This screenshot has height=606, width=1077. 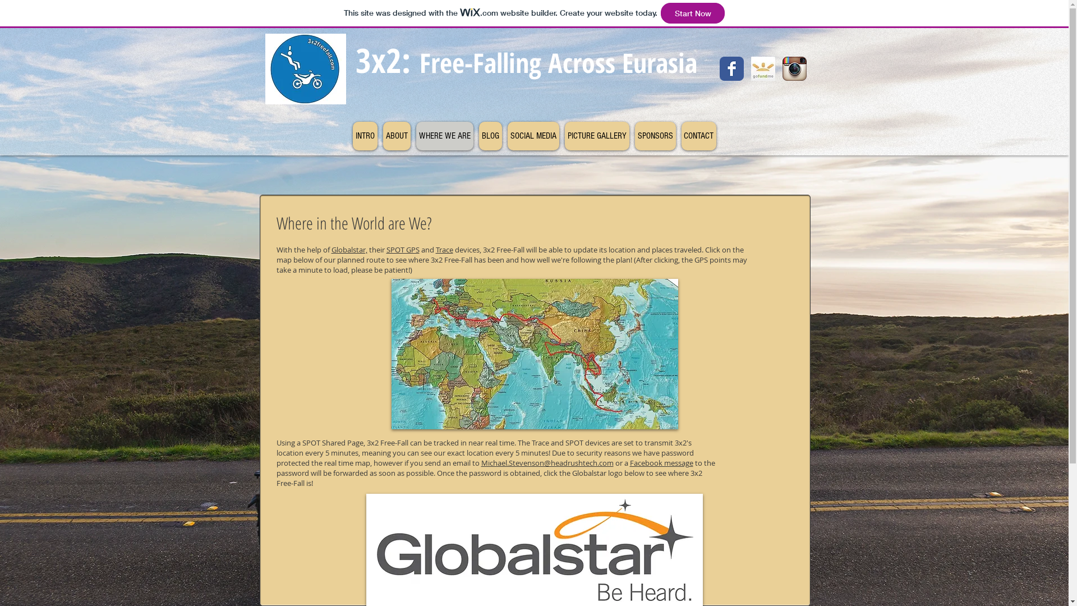 What do you see at coordinates (655, 135) in the screenshot?
I see `'SPONSORS'` at bounding box center [655, 135].